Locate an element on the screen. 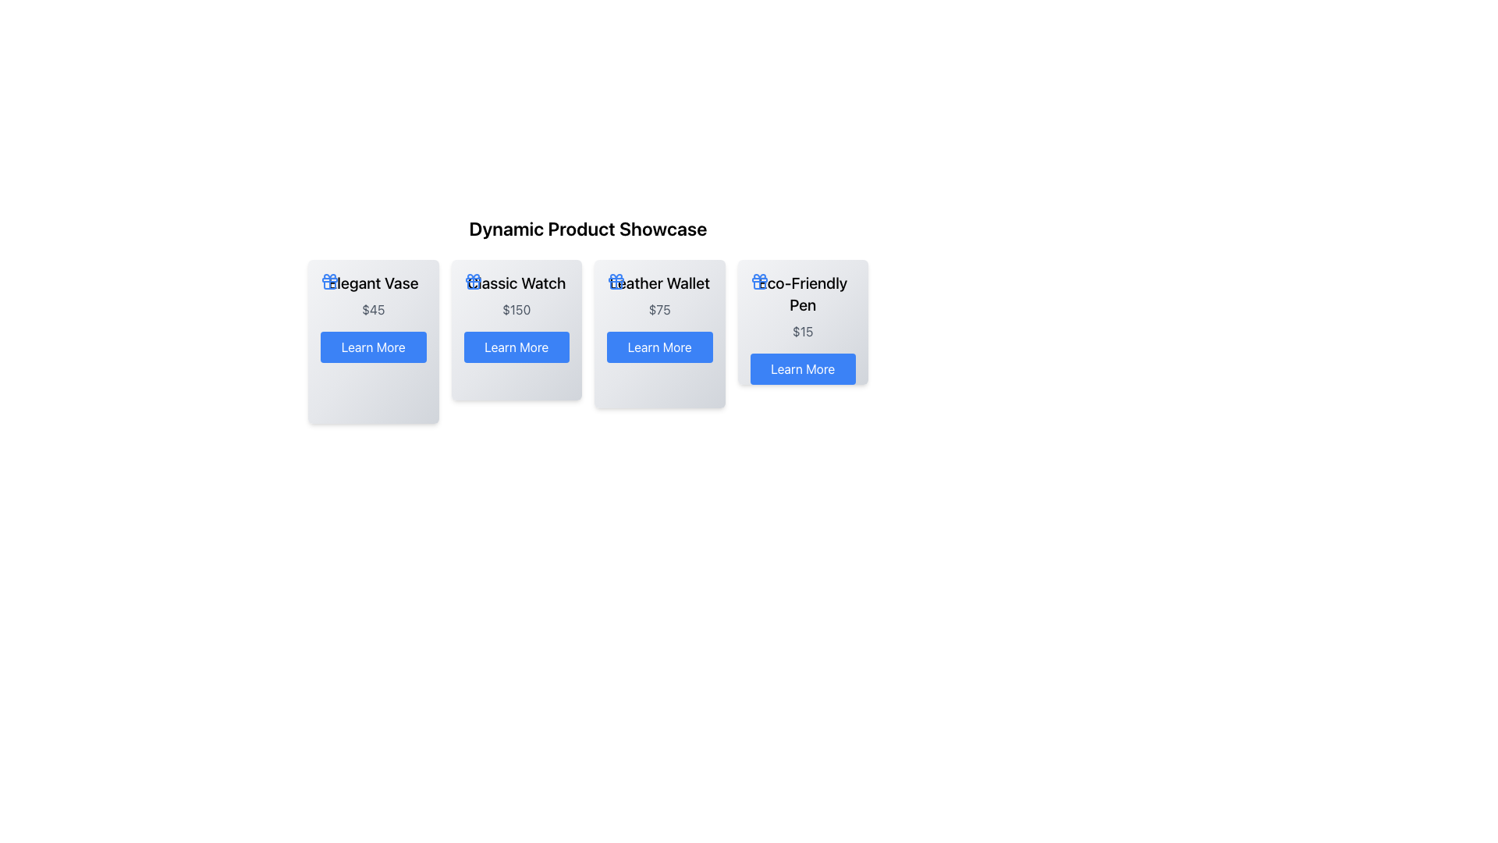 The width and height of the screenshot is (1498, 843). the giftable item icon located at the top-left corner of the 'Leather Wallet' product card, above the text 'Leather Wallet' is located at coordinates (616, 282).